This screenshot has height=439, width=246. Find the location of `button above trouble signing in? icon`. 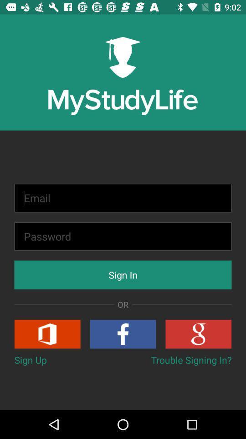

button above trouble signing in? icon is located at coordinates (123, 333).